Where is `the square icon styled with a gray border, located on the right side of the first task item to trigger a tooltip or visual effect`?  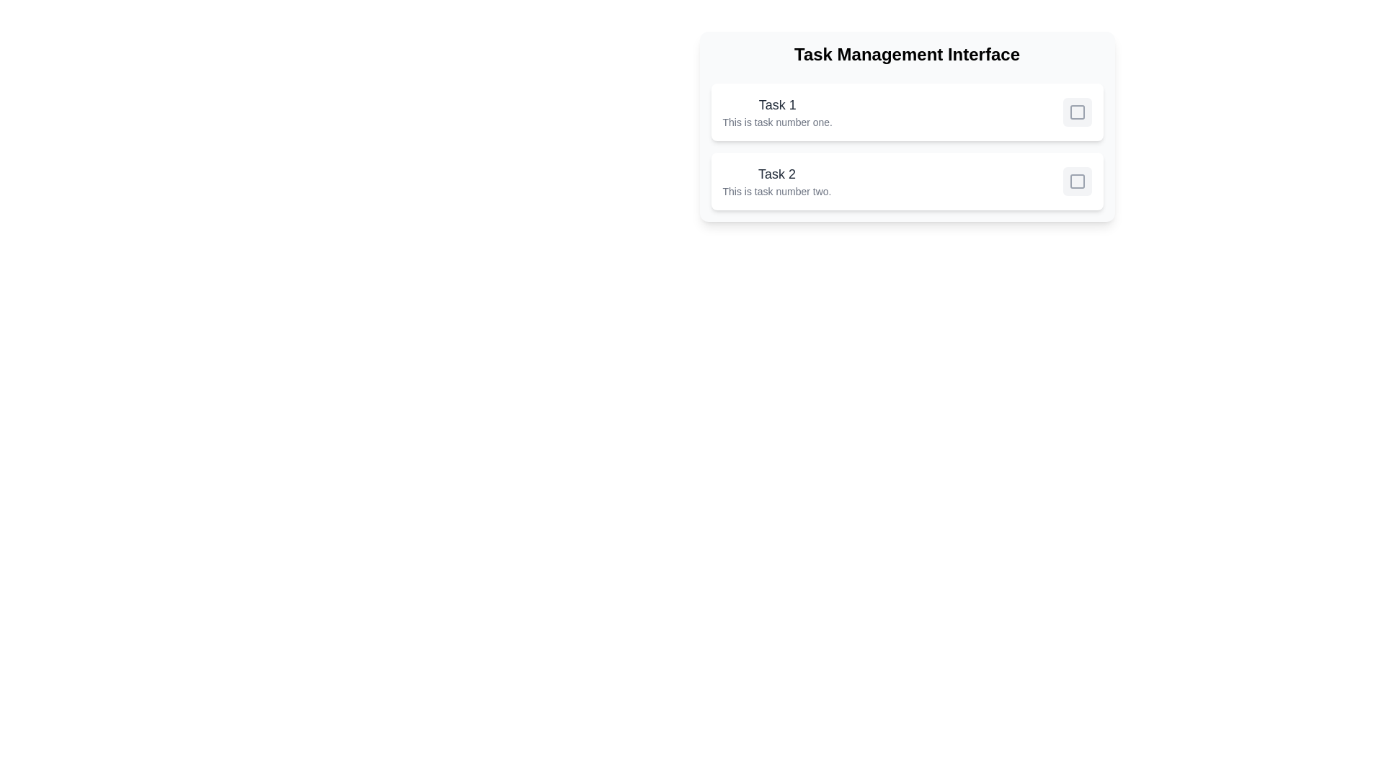 the square icon styled with a gray border, located on the right side of the first task item to trigger a tooltip or visual effect is located at coordinates (1077, 111).